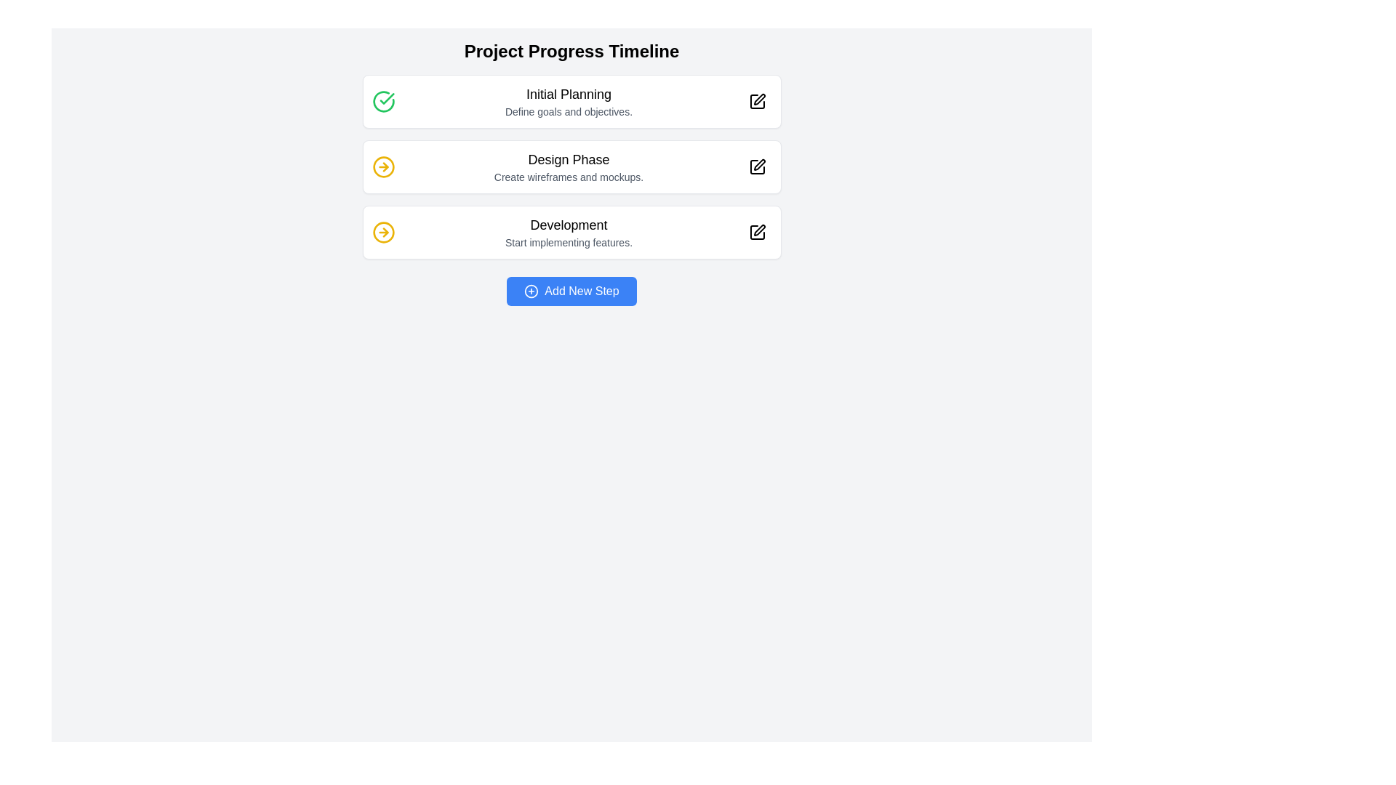  I want to click on the completed task indicator icon located in the first row of the progress tracker, adjacent to the 'Initial Planning' step, styled with green accents, so click(387, 98).